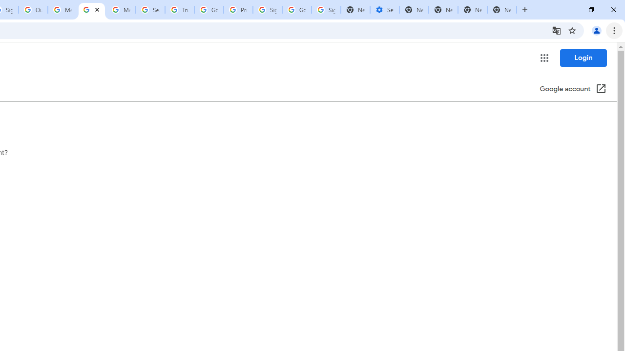 The image size is (625, 351). I want to click on 'New Tab', so click(502, 10).